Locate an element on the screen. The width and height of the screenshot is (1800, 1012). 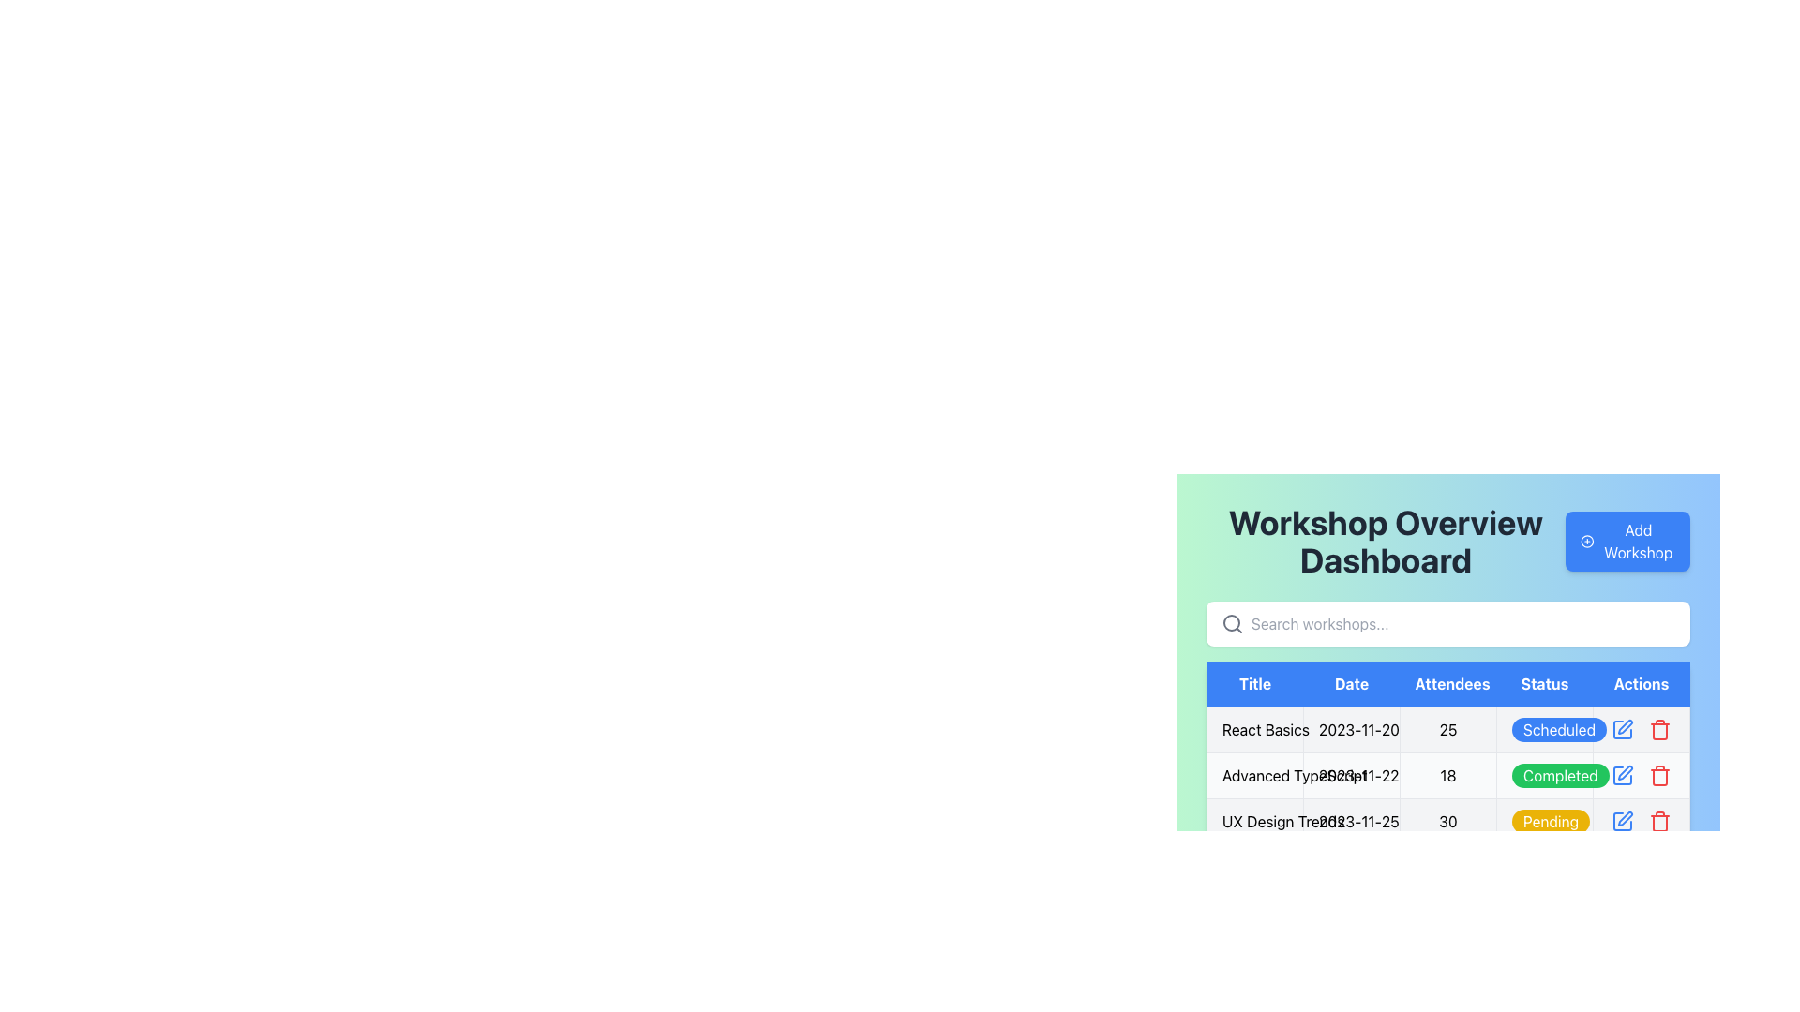
the first table header cell located immediately to the left of 'Date' to sort the column is located at coordinates (1255, 683).